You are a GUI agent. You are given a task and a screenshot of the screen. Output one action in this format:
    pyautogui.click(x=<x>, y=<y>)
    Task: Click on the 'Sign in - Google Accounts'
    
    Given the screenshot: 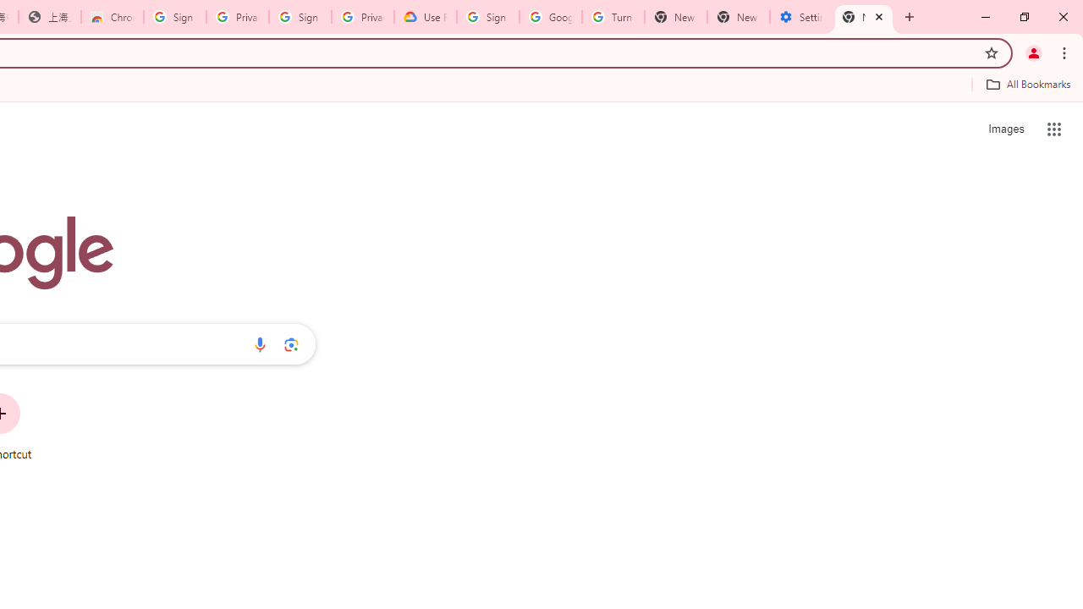 What is the action you would take?
    pyautogui.click(x=175, y=17)
    